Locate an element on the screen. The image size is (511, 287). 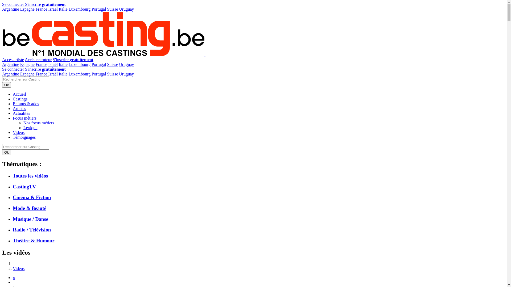
'Suisse' is located at coordinates (112, 9).